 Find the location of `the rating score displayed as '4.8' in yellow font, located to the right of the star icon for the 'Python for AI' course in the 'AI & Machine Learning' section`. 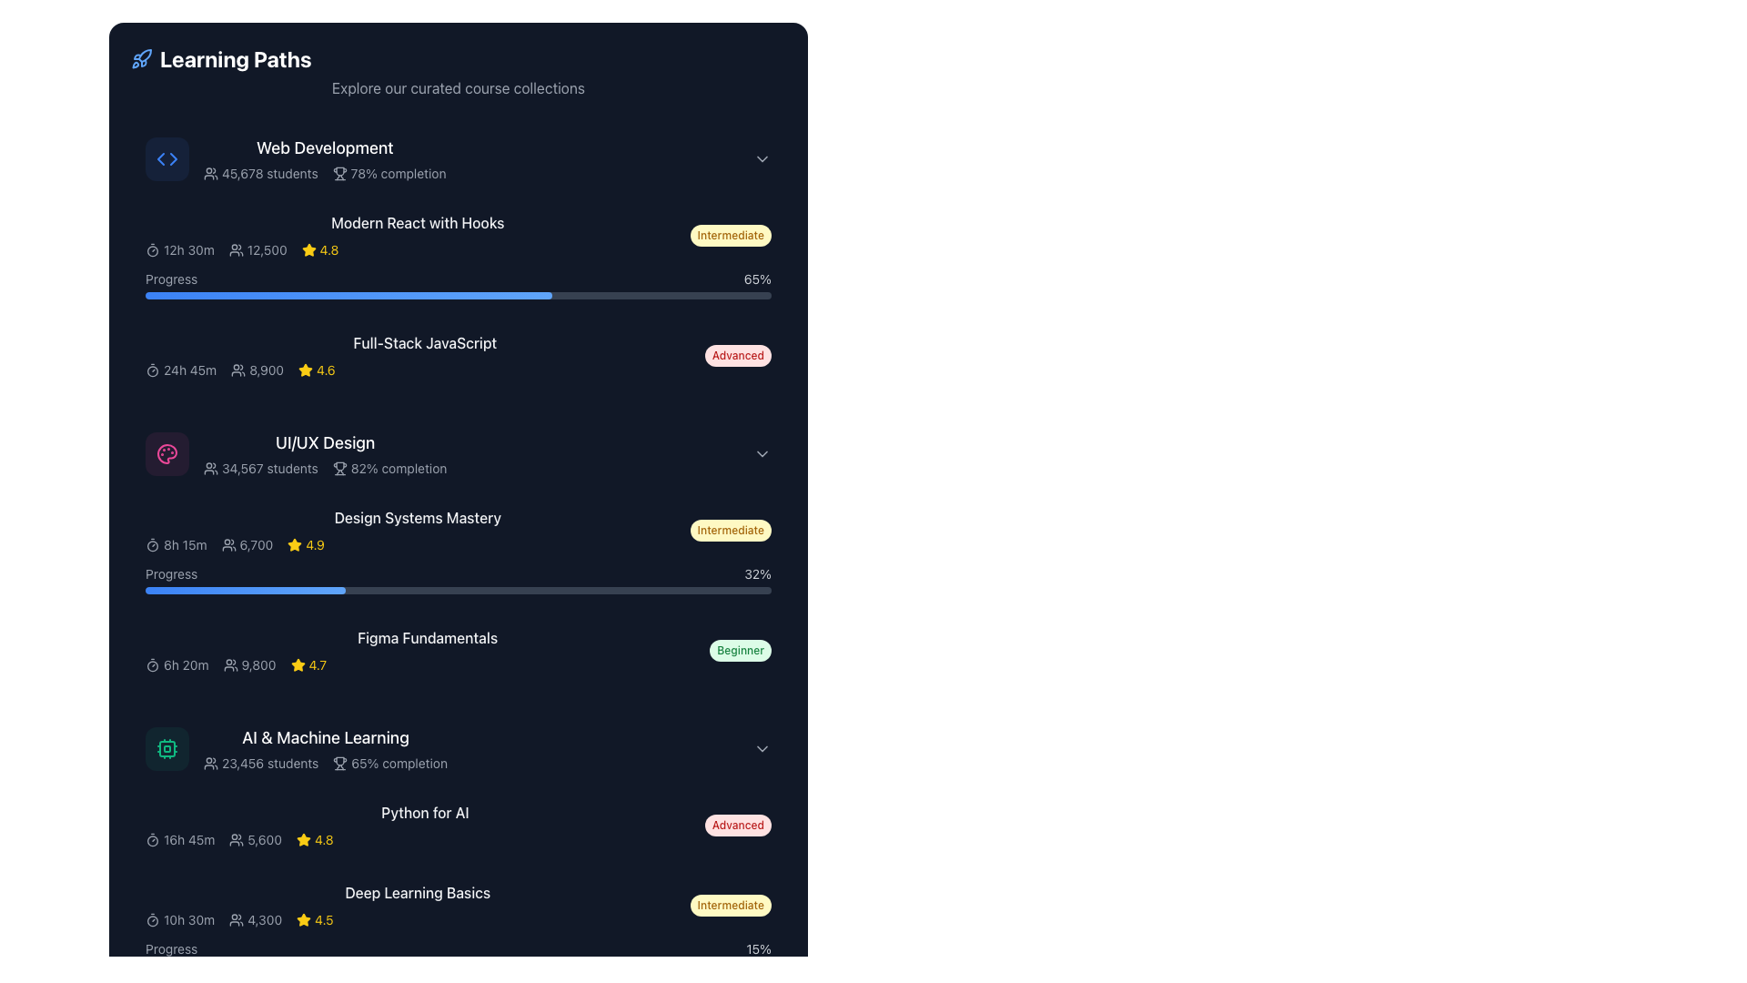

the rating score displayed as '4.8' in yellow font, located to the right of the star icon for the 'Python for AI' course in the 'AI & Machine Learning' section is located at coordinates (324, 839).